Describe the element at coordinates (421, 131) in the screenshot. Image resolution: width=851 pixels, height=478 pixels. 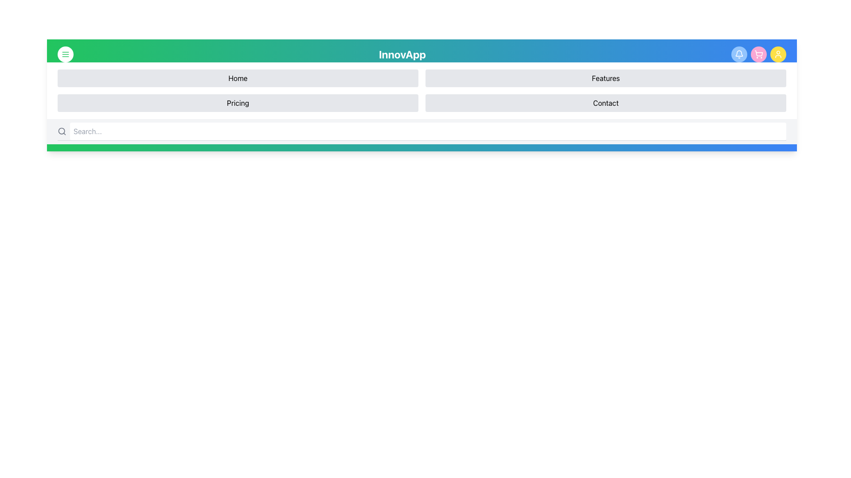
I see `the search input field located` at that location.